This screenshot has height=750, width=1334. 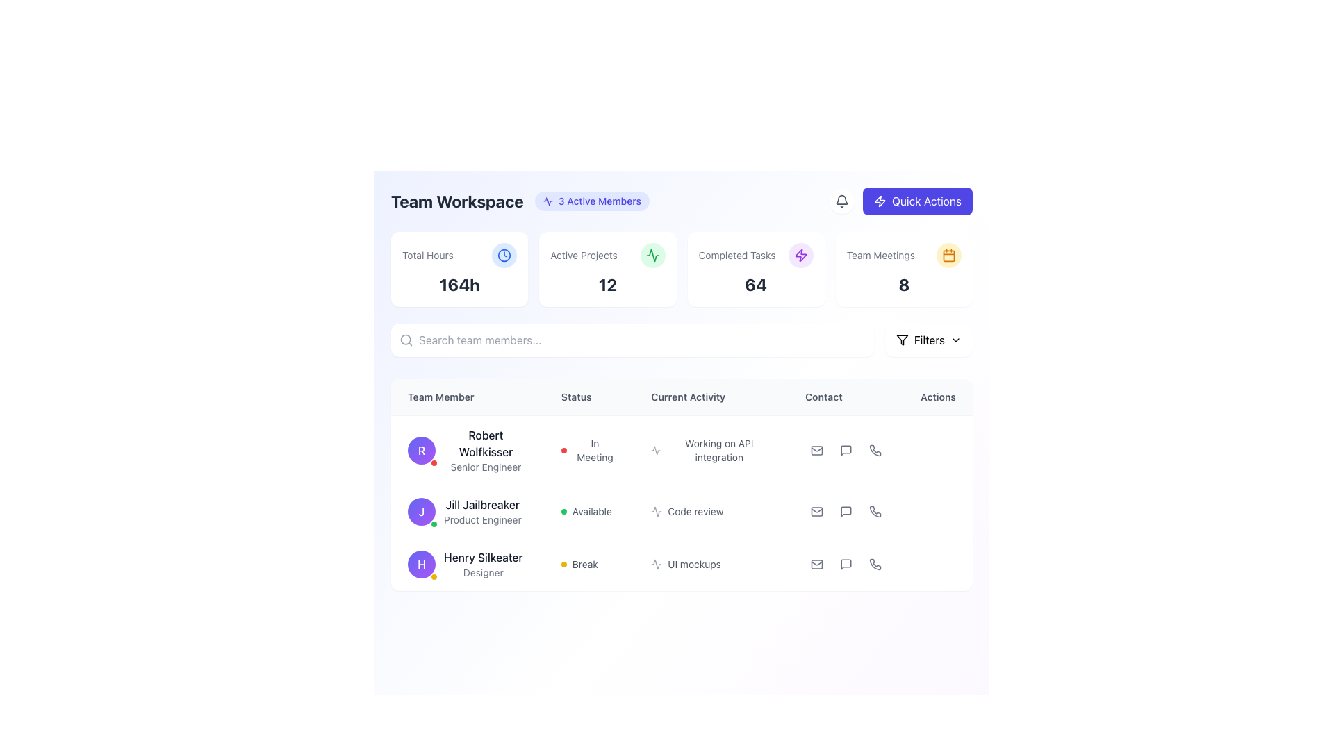 What do you see at coordinates (486, 450) in the screenshot?
I see `the Text Label displaying the name and professional title of the team member, which is the first entry in the 'Team Member' column, located to the right of the purple circular avatar with the letter 'R'` at bounding box center [486, 450].